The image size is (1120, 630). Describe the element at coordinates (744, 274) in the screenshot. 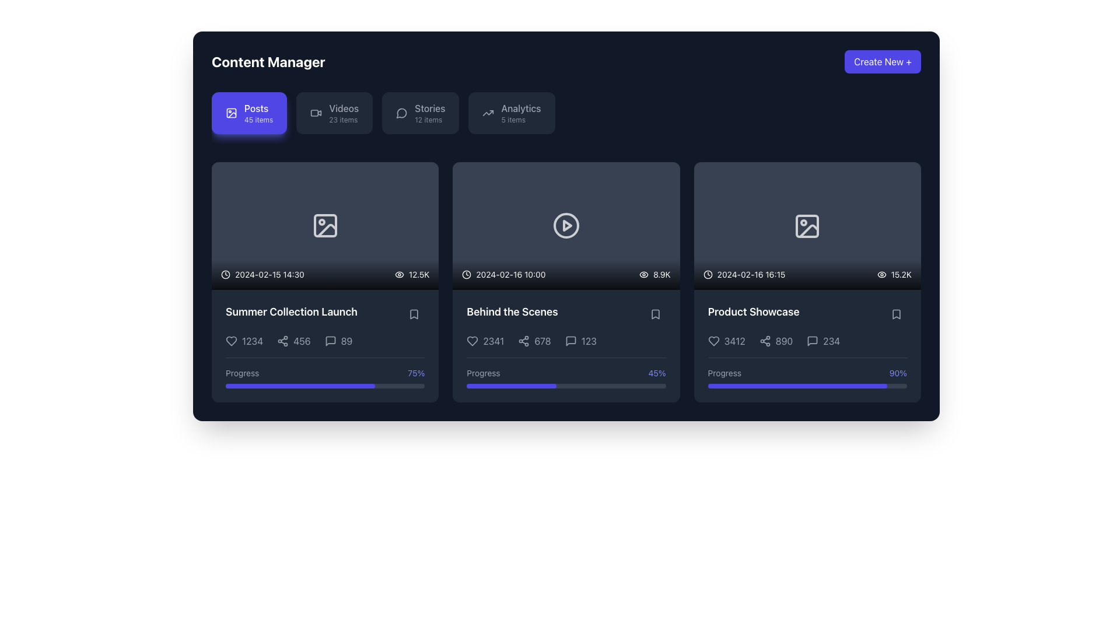

I see `the Timestamp display element with the clock icon` at that location.